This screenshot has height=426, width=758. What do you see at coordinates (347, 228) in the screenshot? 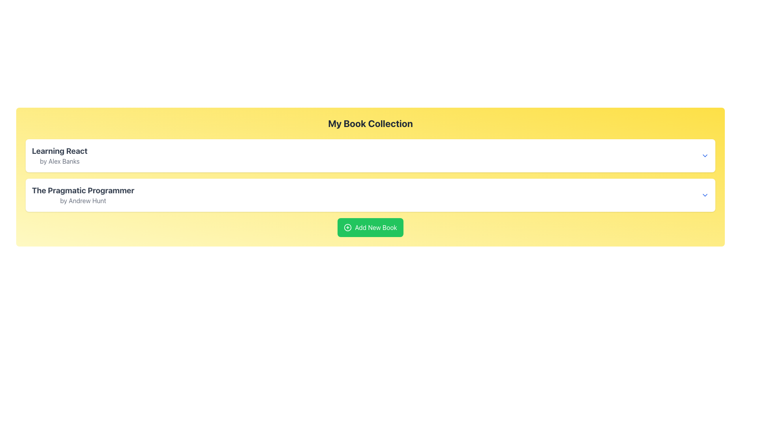
I see `the circular graphical element representing the action to add a new item, located at the bottom-center of the application interface, adjacent to the label 'Add New Book'` at bounding box center [347, 228].